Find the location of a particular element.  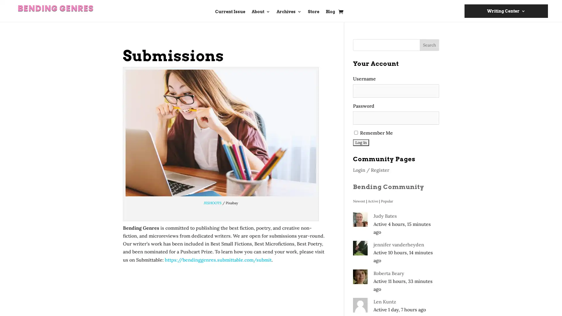

Log In is located at coordinates (361, 142).